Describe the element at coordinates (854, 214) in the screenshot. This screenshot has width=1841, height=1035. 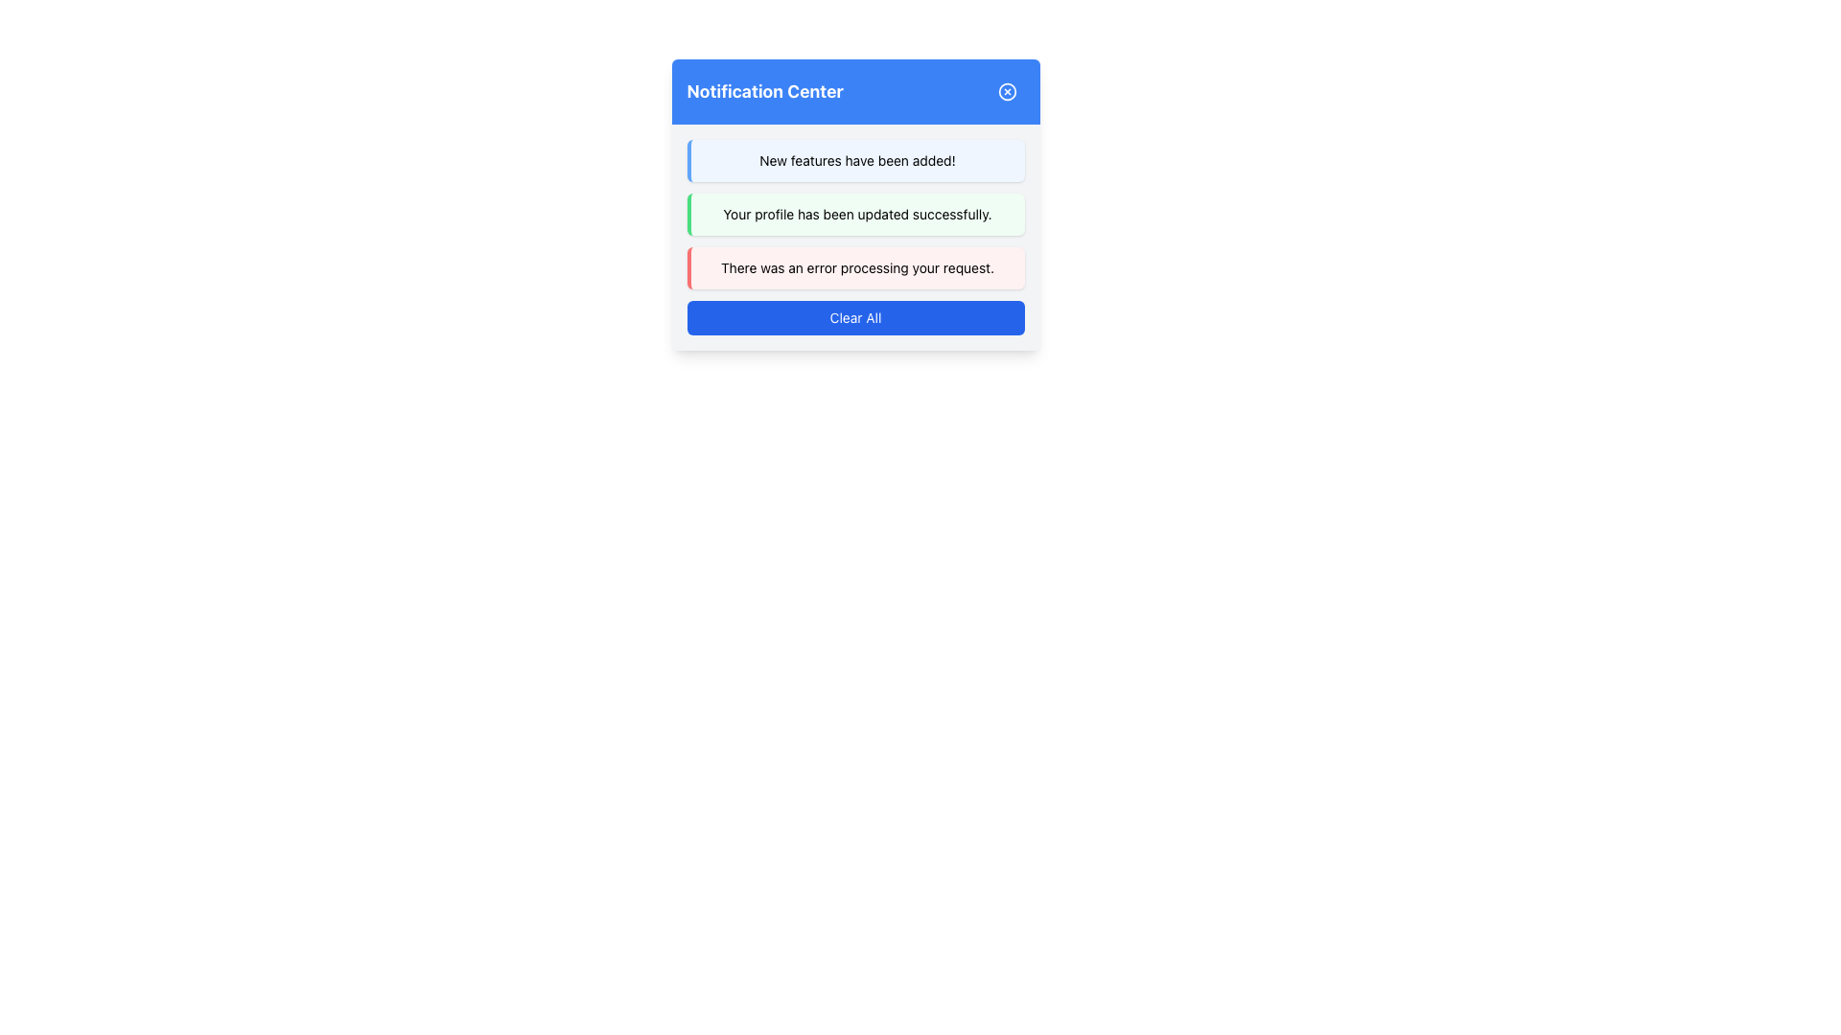
I see `static notification message that indicates 'Your profile has been updated successfully.' This message is visually distinguished by a green vertical border and a light green background, positioned between two other notifications` at that location.